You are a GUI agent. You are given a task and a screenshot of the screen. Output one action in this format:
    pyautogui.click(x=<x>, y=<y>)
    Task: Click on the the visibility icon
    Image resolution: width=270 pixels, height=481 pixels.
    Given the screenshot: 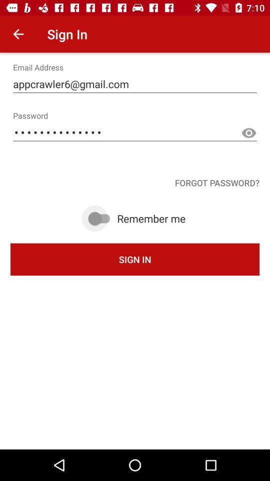 What is the action you would take?
    pyautogui.click(x=248, y=133)
    